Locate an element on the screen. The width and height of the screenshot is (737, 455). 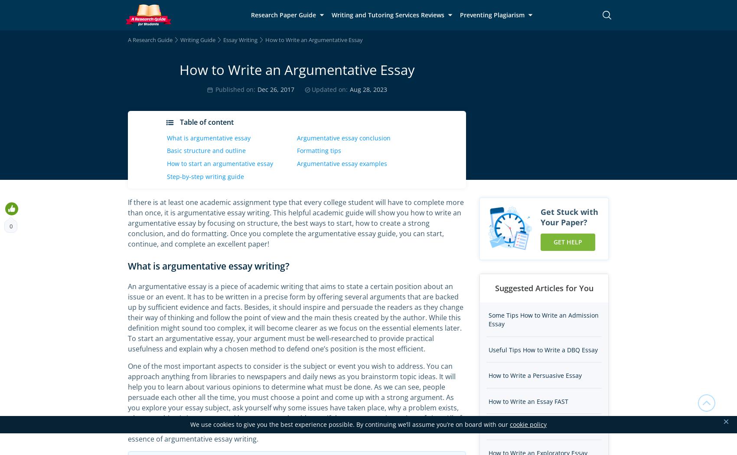
'cookie policy' is located at coordinates (528, 424).